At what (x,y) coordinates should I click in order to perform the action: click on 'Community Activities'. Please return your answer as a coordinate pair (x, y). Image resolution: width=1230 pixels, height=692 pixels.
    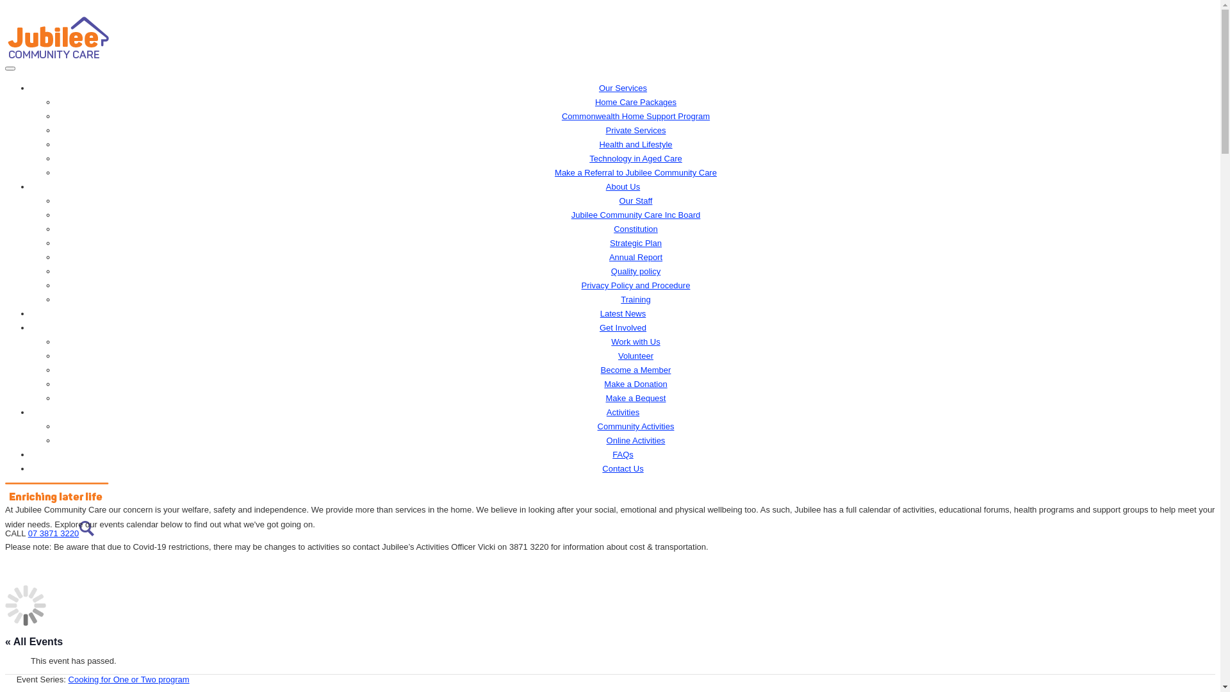
    Looking at the image, I should click on (636, 426).